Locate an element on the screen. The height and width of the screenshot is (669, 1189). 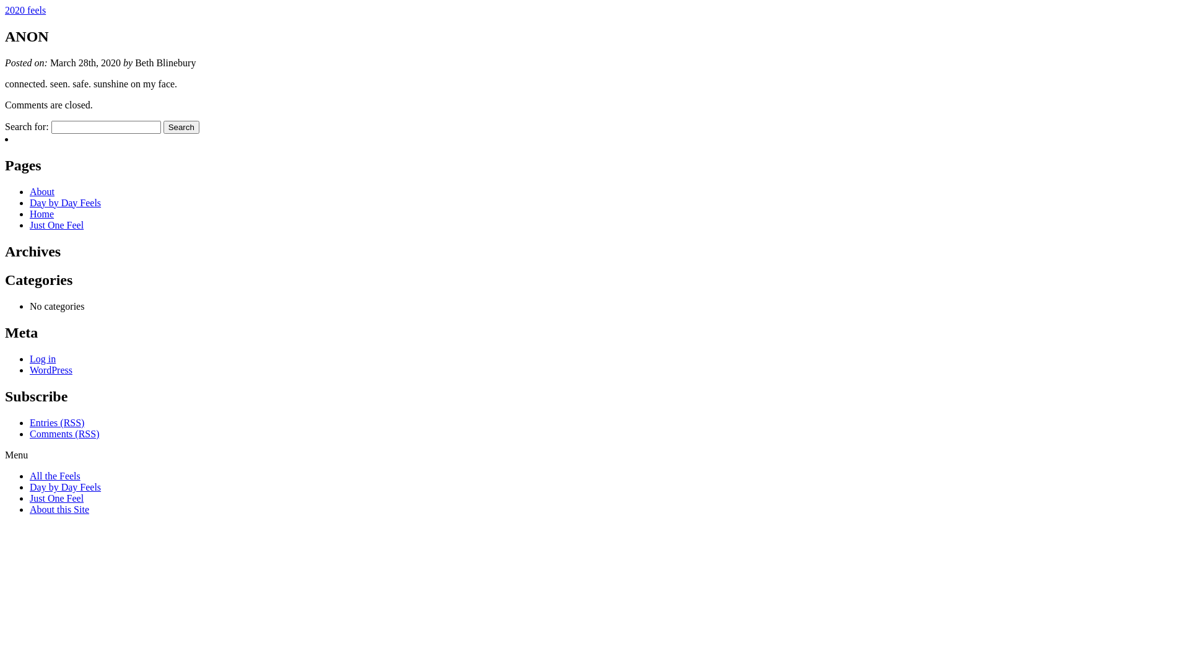
'Just One Feel' is located at coordinates (56, 225).